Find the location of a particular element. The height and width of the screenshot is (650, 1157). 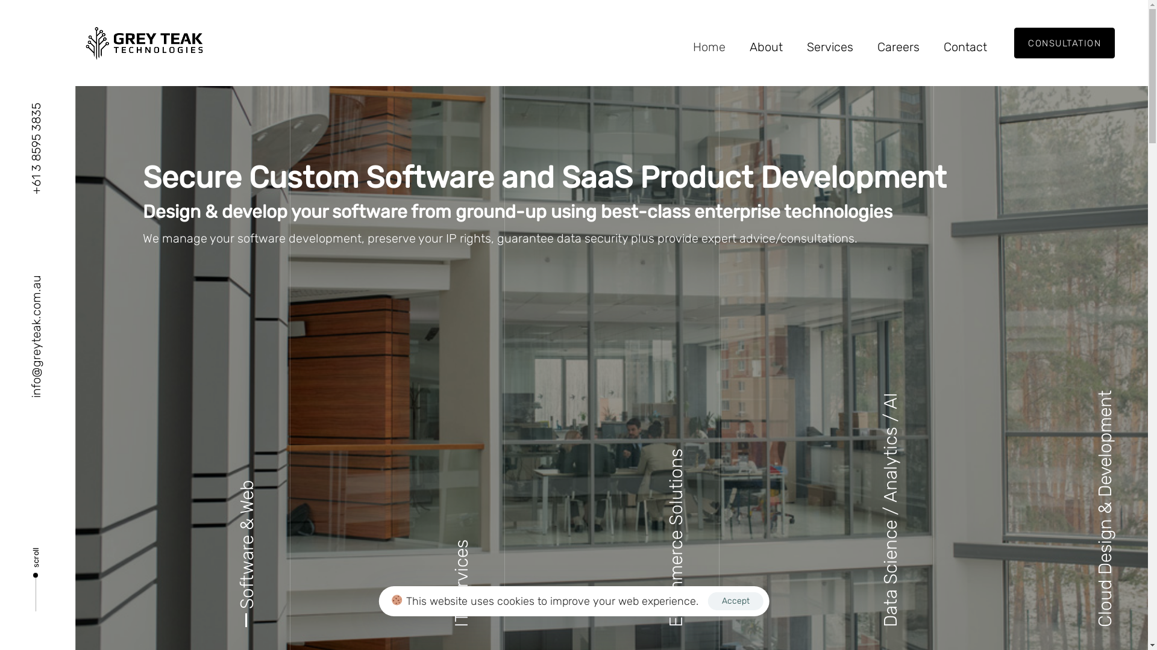

'Managed IT Services' is located at coordinates (465, 523).